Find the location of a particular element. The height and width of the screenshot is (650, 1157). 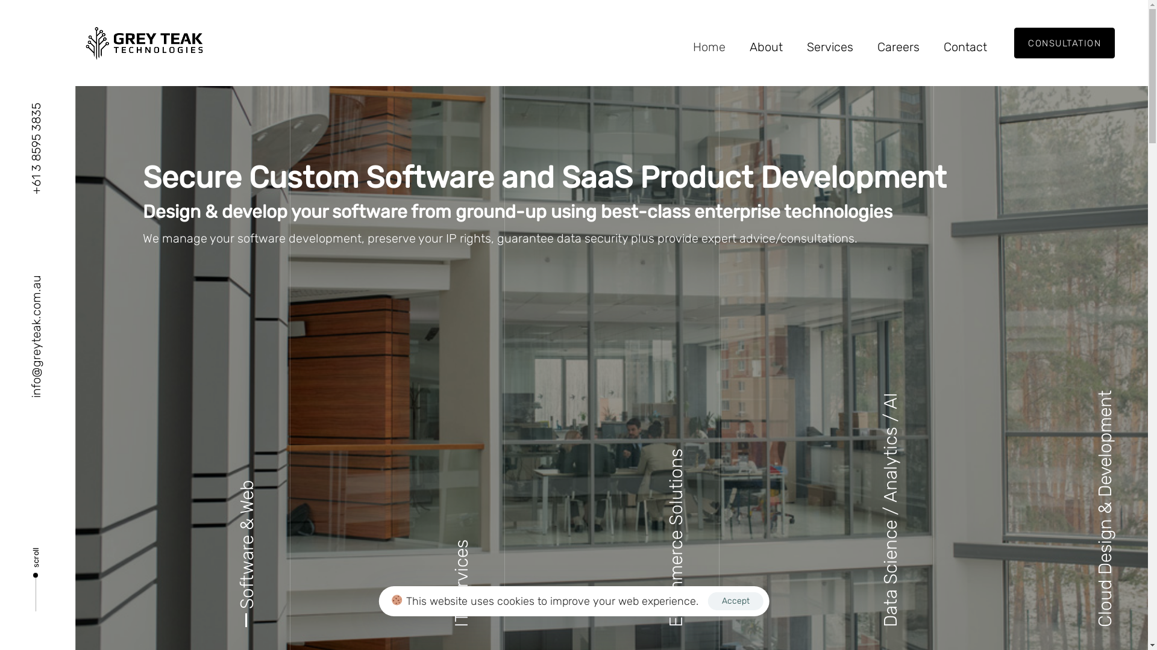

'Managed IT Services' is located at coordinates (465, 523).